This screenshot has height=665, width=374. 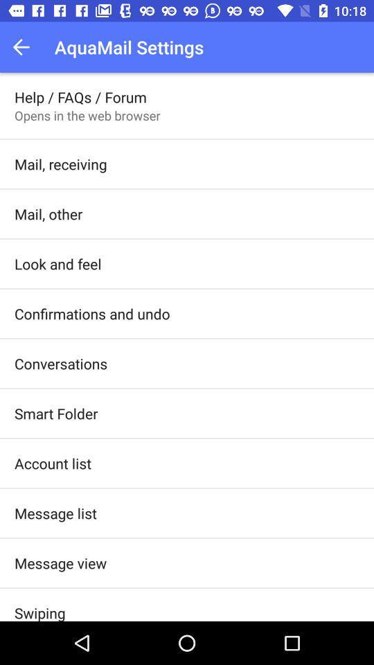 What do you see at coordinates (55, 513) in the screenshot?
I see `the message list icon` at bounding box center [55, 513].